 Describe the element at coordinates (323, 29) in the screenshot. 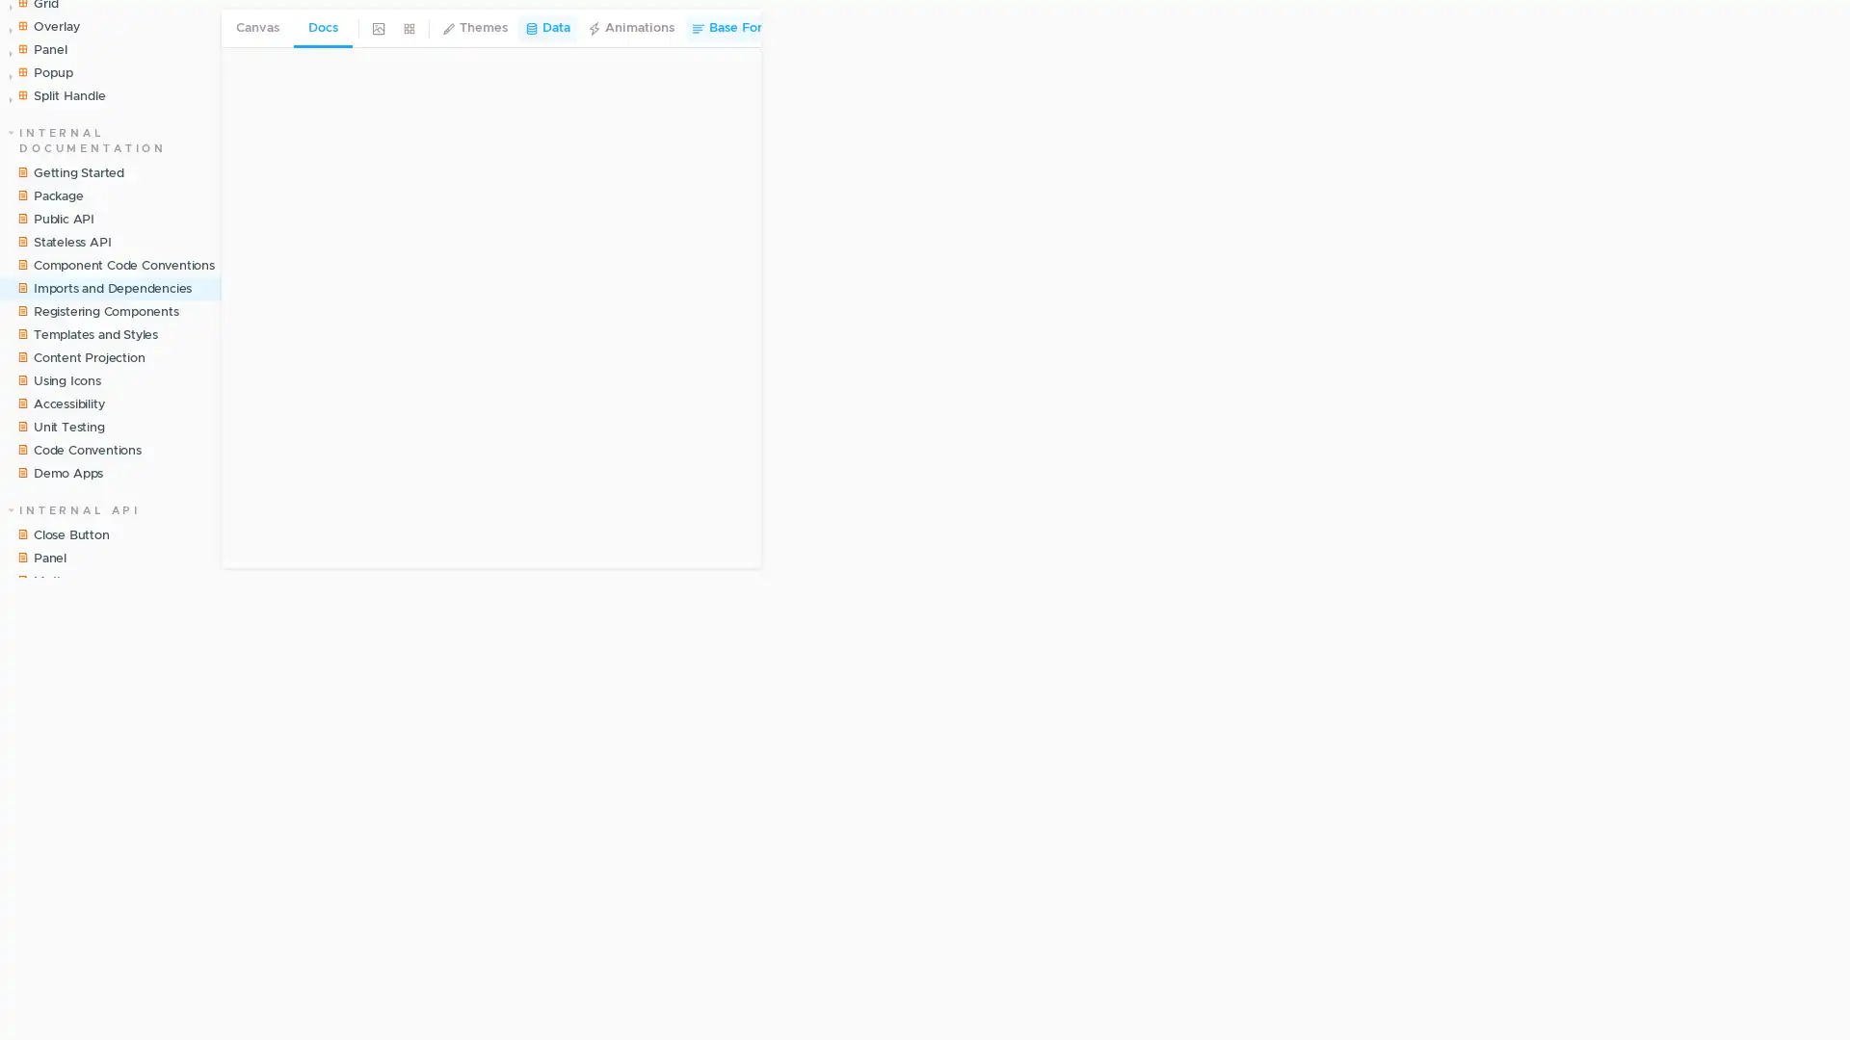

I see `Docs` at that location.